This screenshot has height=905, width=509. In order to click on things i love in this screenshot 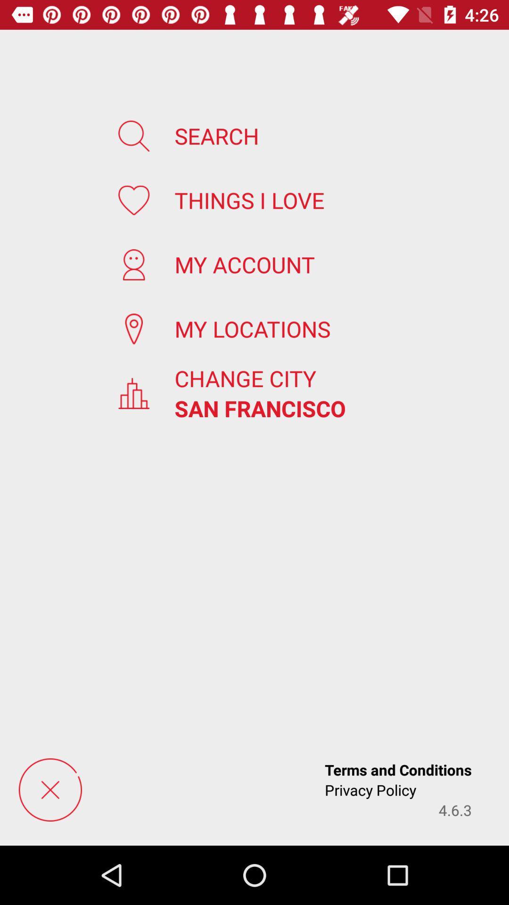, I will do `click(249, 199)`.